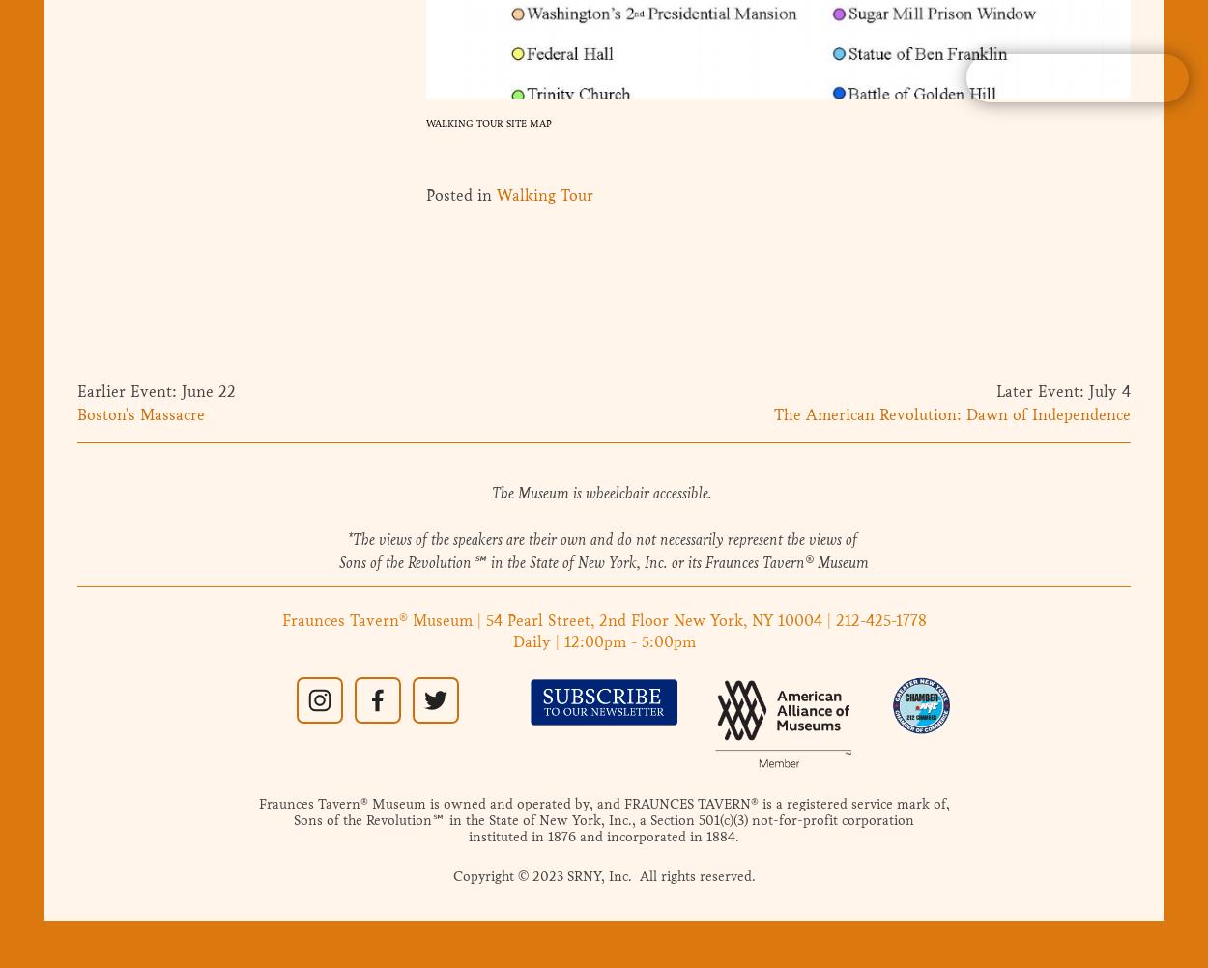  What do you see at coordinates (604, 820) in the screenshot?
I see `'Sons of the Revolution℠ in the State of New York, Inc., a Section 501(c)(3) not-for-profit corporation'` at bounding box center [604, 820].